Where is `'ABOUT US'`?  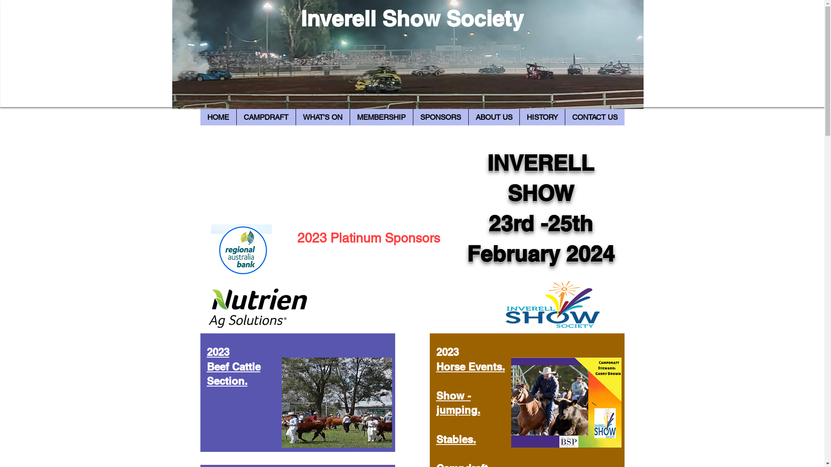 'ABOUT US' is located at coordinates (494, 117).